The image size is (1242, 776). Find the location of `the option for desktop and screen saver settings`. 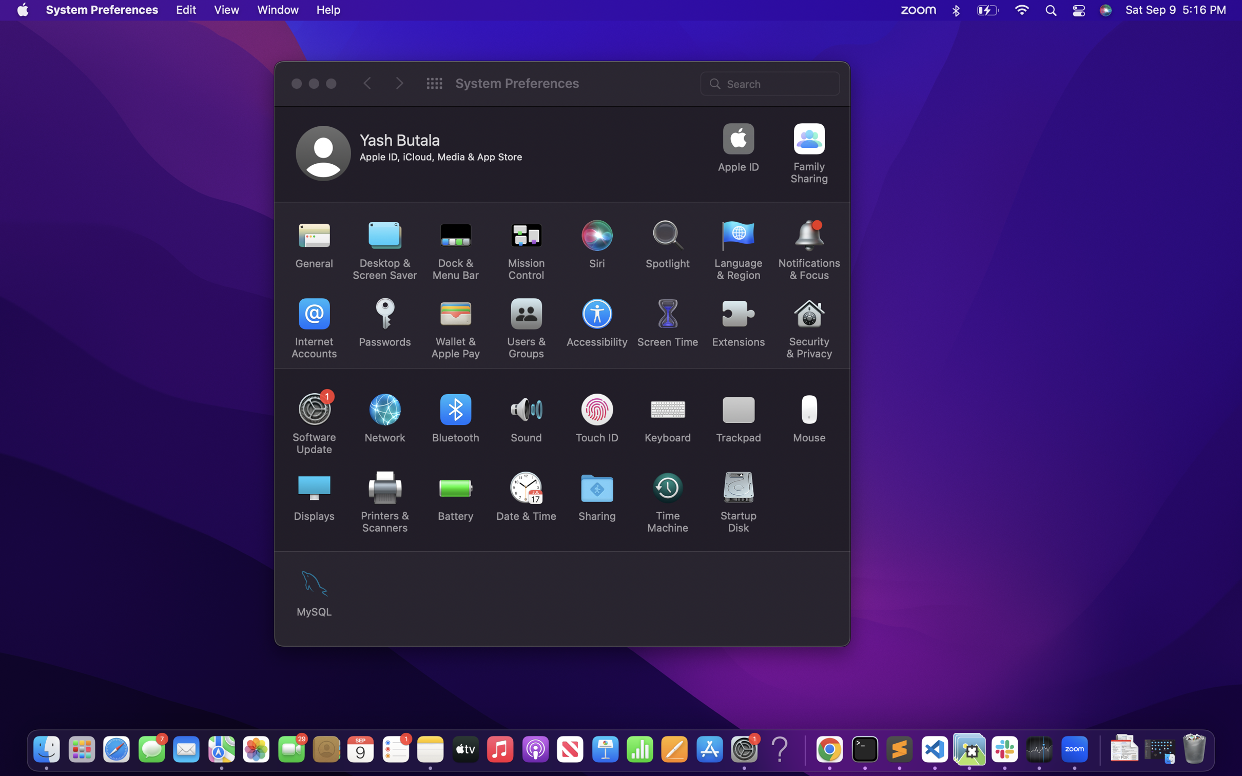

the option for desktop and screen saver settings is located at coordinates (385, 250).